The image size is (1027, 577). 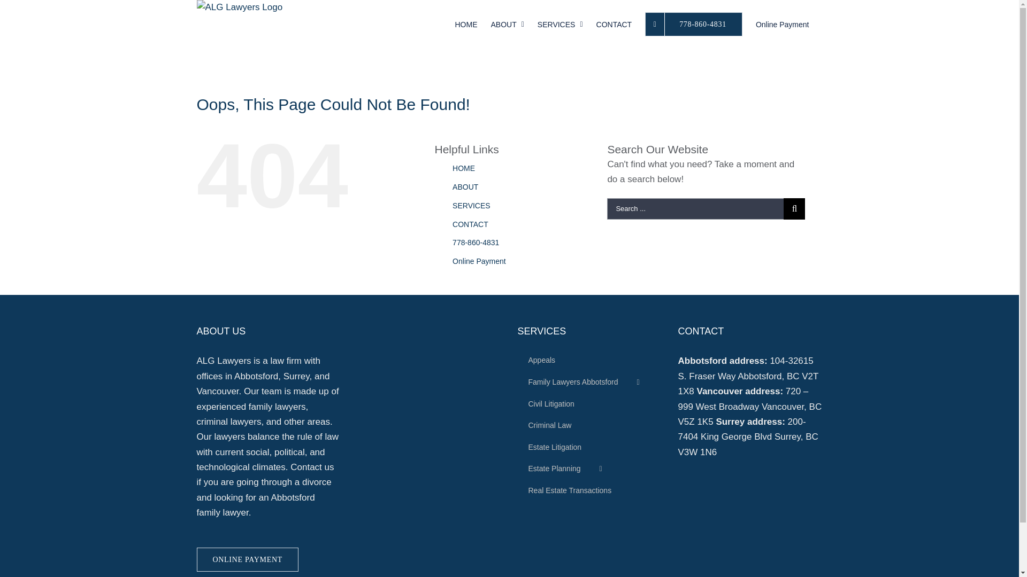 I want to click on 'ONLINE PAYMENT', so click(x=247, y=559).